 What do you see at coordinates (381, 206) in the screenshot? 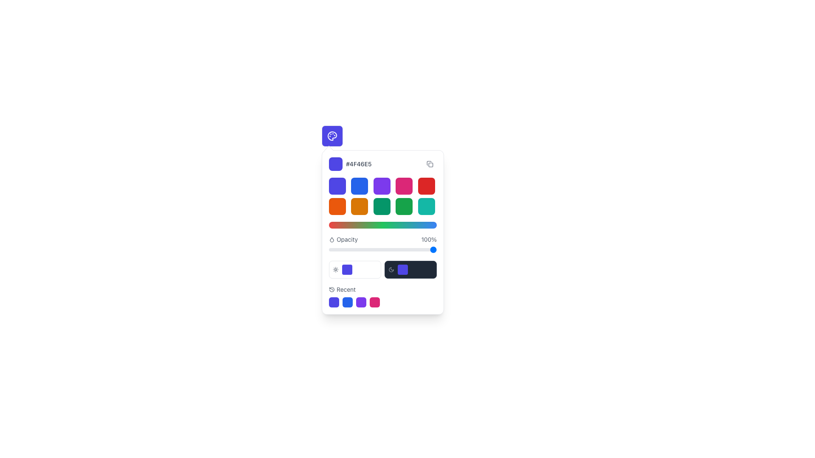
I see `the interactive green button with rounded corners located in the second row and third column of the grid layout` at bounding box center [381, 206].